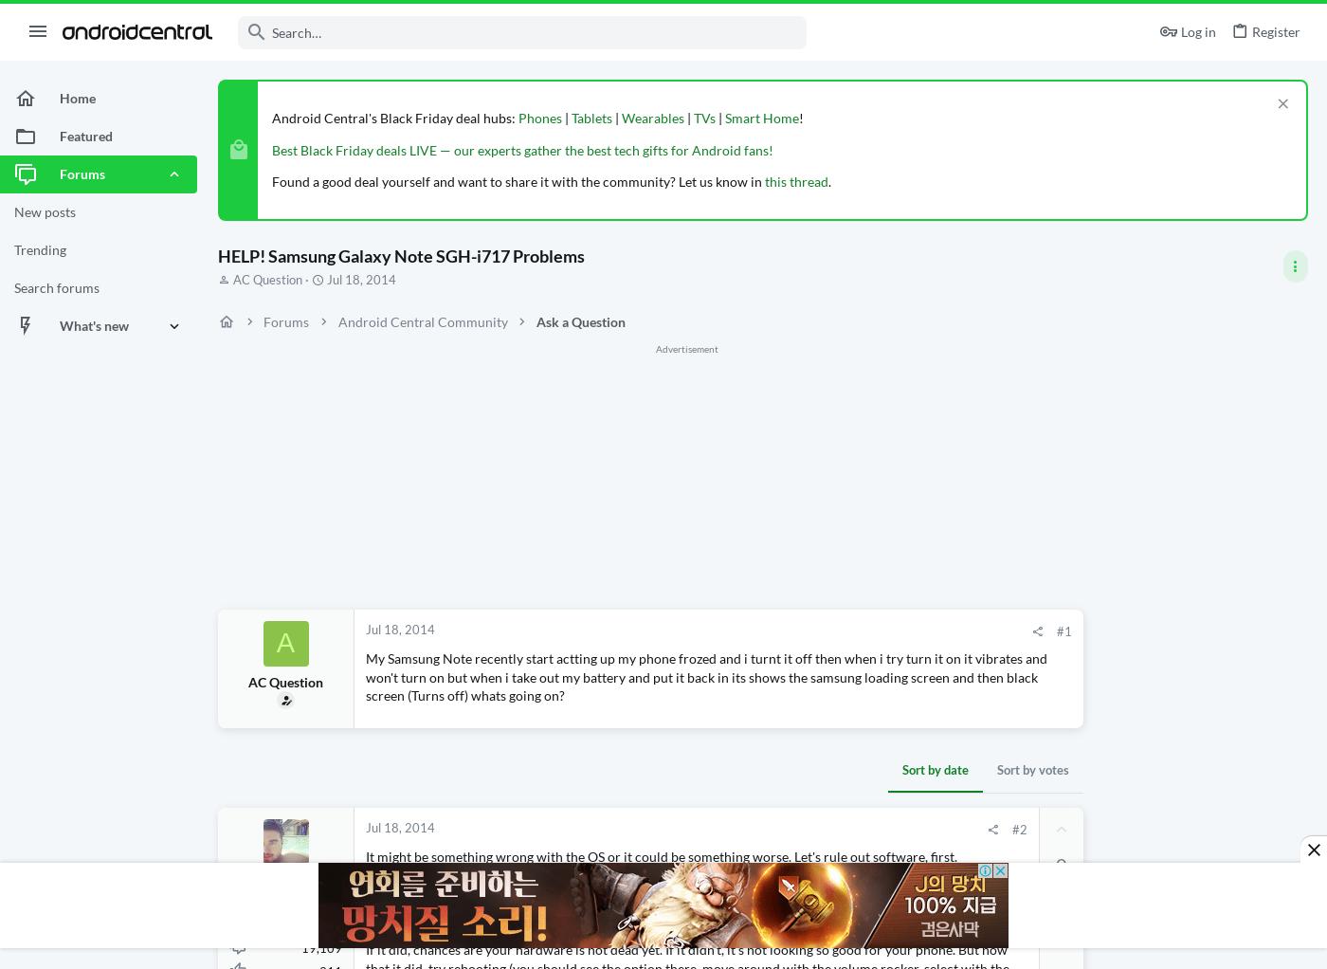 Image resolution: width=1327 pixels, height=969 pixels. What do you see at coordinates (1198, 30) in the screenshot?
I see `'Log in'` at bounding box center [1198, 30].